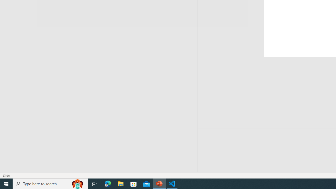 The image size is (336, 189). I want to click on 'Microsoft Store', so click(134, 183).